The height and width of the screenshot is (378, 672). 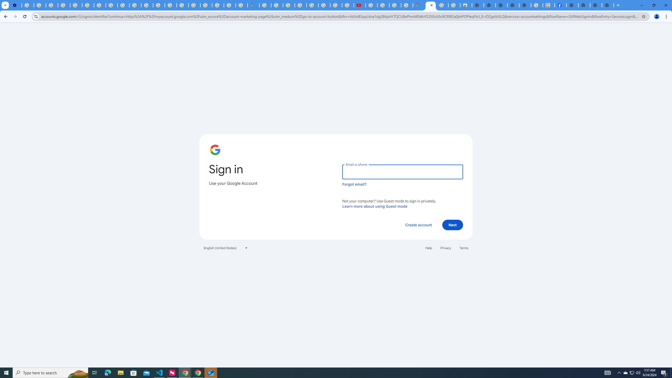 I want to click on 'Google Account Help', so click(x=64, y=5).